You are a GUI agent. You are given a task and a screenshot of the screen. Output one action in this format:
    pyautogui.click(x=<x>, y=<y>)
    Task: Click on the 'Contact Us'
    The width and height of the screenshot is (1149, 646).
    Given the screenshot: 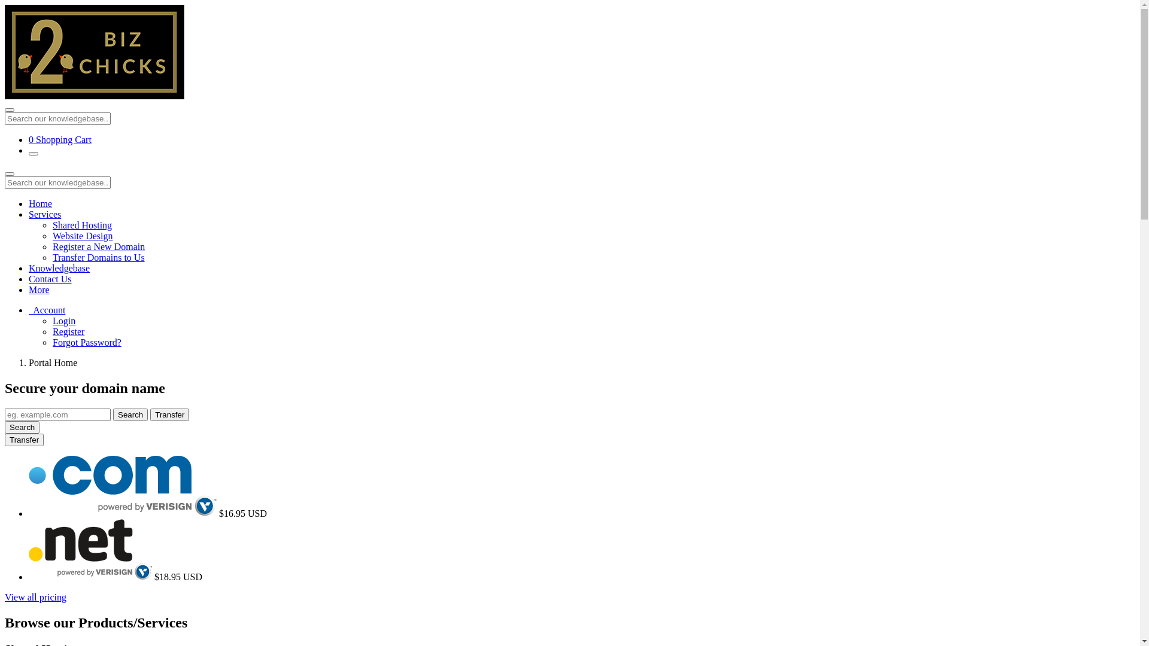 What is the action you would take?
    pyautogui.click(x=49, y=279)
    